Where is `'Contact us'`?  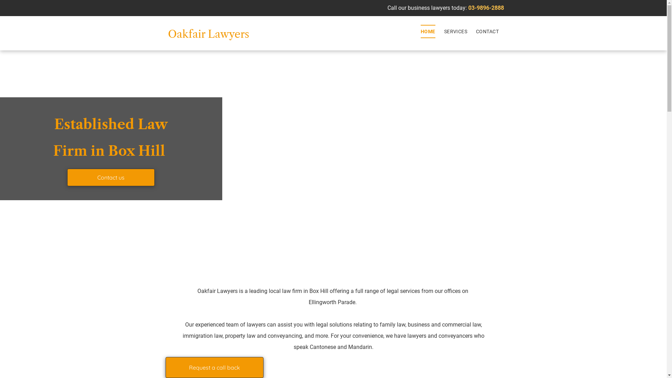 'Contact us' is located at coordinates (67, 177).